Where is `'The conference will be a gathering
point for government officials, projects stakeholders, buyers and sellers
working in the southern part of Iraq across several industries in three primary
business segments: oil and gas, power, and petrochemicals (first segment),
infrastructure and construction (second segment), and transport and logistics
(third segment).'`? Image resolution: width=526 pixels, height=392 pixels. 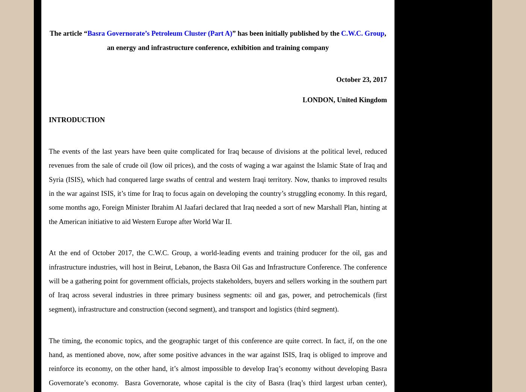
'The conference will be a gathering
point for government officials, projects stakeholders, buyers and sellers
working in the southern part of Iraq across several industries in three primary
business segments: oil and gas, power, and petrochemicals (first segment),
infrastructure and construction (second segment), and transport and logistics
(third segment).' is located at coordinates (49, 287).